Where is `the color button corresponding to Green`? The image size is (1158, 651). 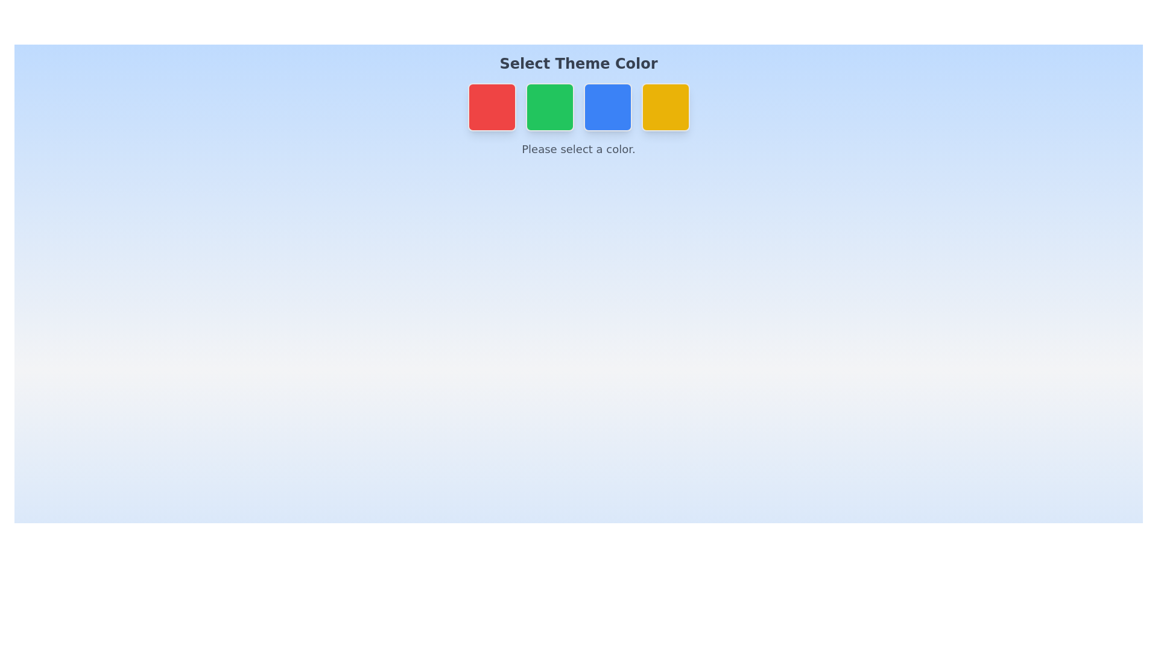 the color button corresponding to Green is located at coordinates (549, 106).